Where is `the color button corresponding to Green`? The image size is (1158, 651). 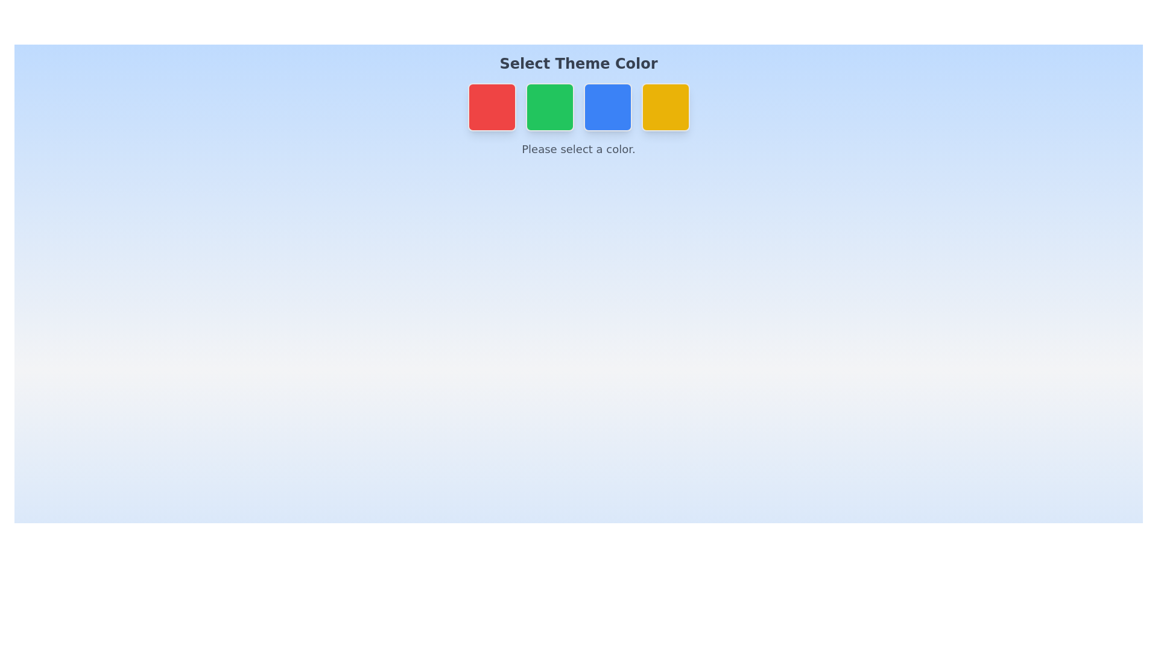 the color button corresponding to Green is located at coordinates (549, 106).